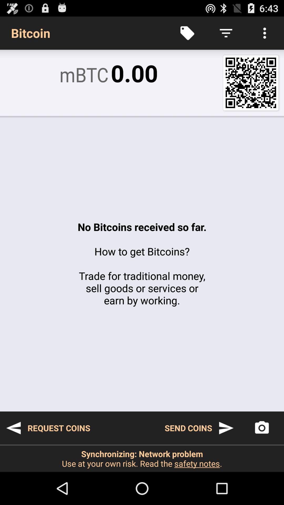 This screenshot has width=284, height=505. What do you see at coordinates (199, 428) in the screenshot?
I see `button next to request coins` at bounding box center [199, 428].